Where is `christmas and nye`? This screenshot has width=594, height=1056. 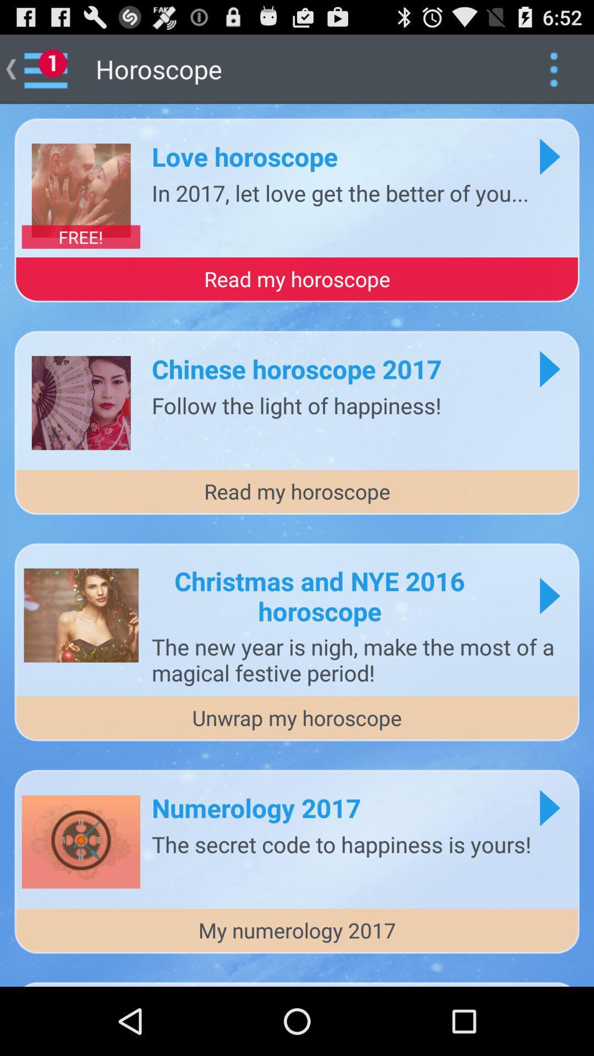 christmas and nye is located at coordinates (320, 595).